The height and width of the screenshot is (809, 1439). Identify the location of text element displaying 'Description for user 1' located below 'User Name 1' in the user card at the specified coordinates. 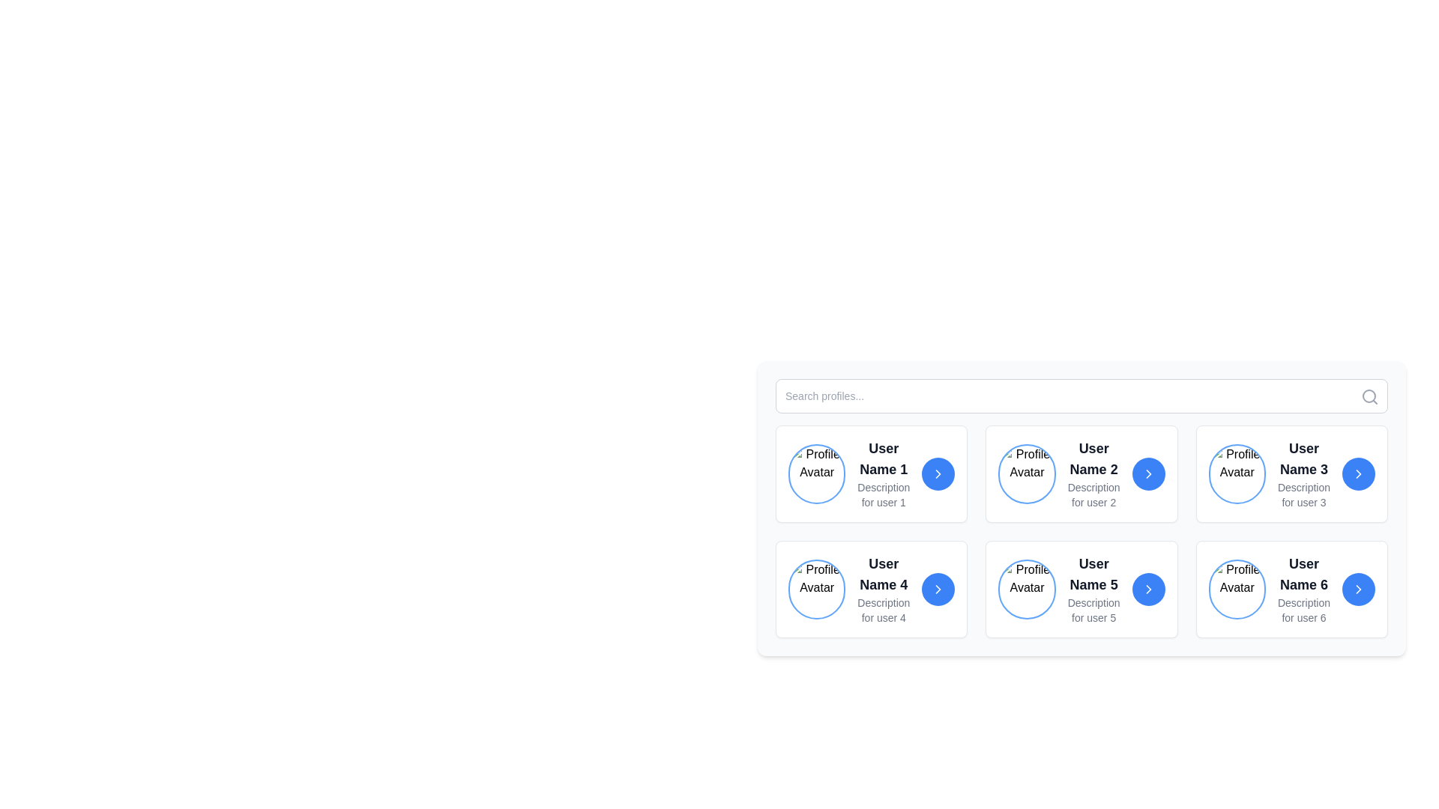
(884, 494).